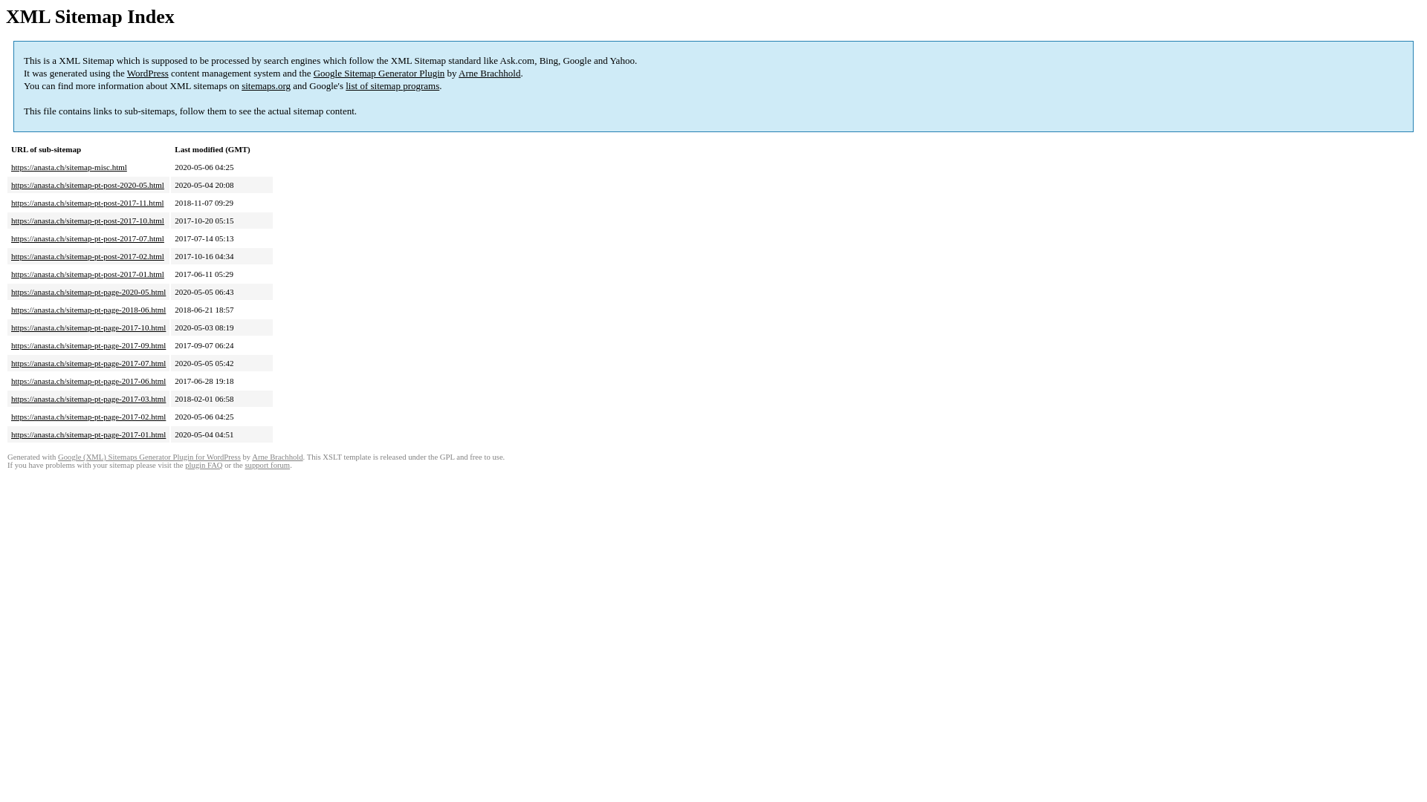  I want to click on 'https://anasta.ch/sitemap-pt-post-2017-11.html', so click(87, 203).